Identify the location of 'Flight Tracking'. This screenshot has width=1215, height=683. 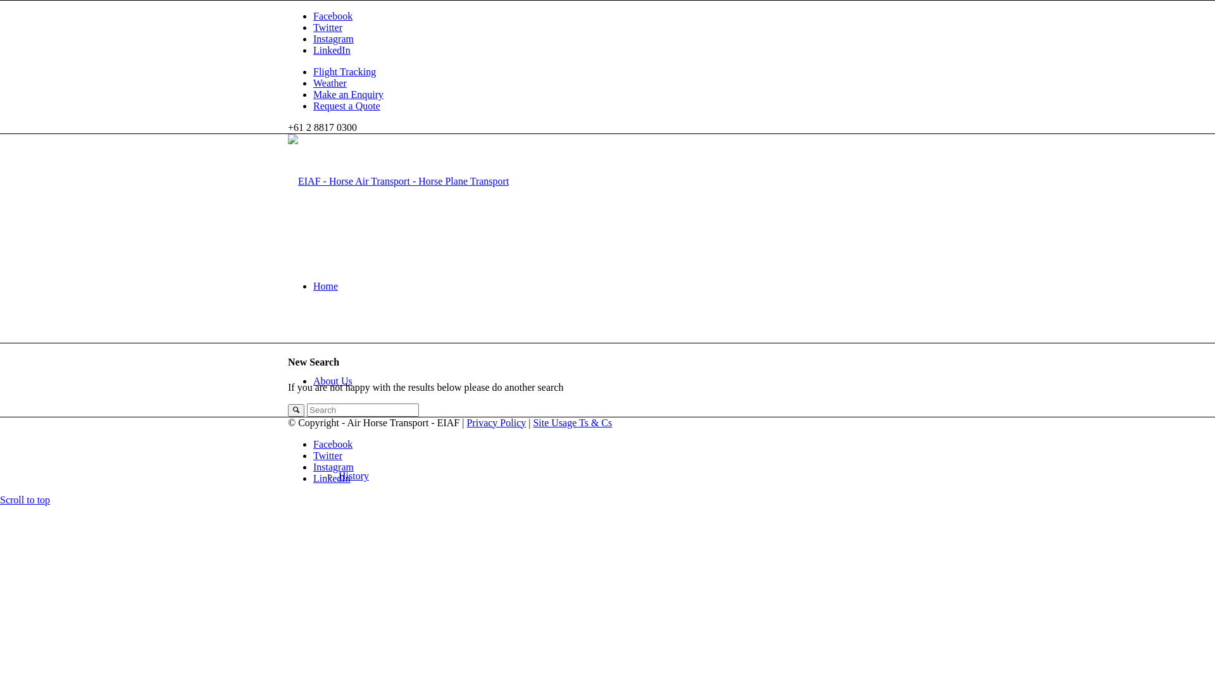
(344, 71).